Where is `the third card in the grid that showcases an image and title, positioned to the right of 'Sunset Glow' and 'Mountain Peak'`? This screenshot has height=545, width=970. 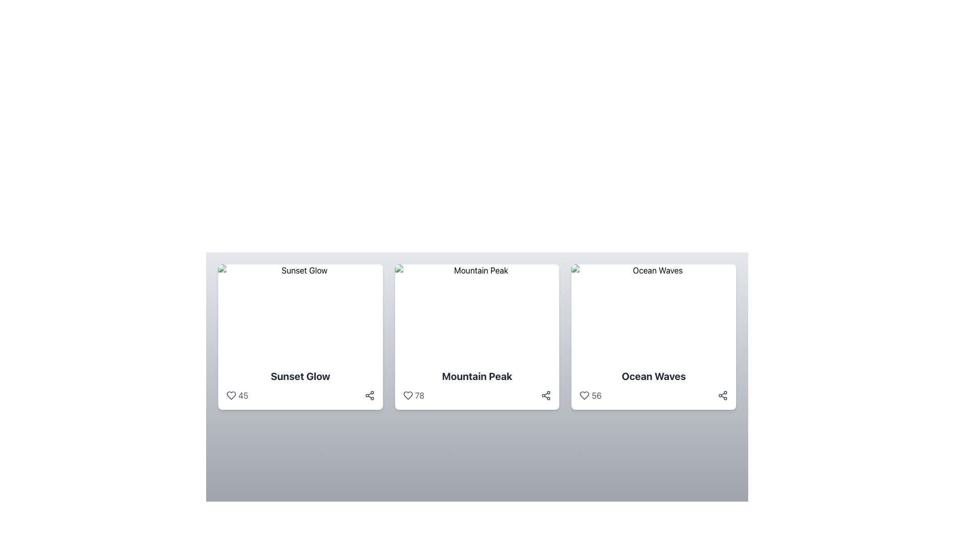 the third card in the grid that showcases an image and title, positioned to the right of 'Sunset Glow' and 'Mountain Peak' is located at coordinates (654, 337).